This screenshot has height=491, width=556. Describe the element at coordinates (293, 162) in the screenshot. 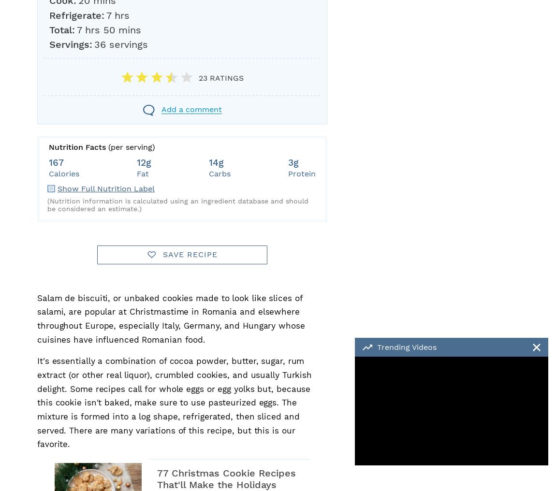

I see `'3g'` at that location.